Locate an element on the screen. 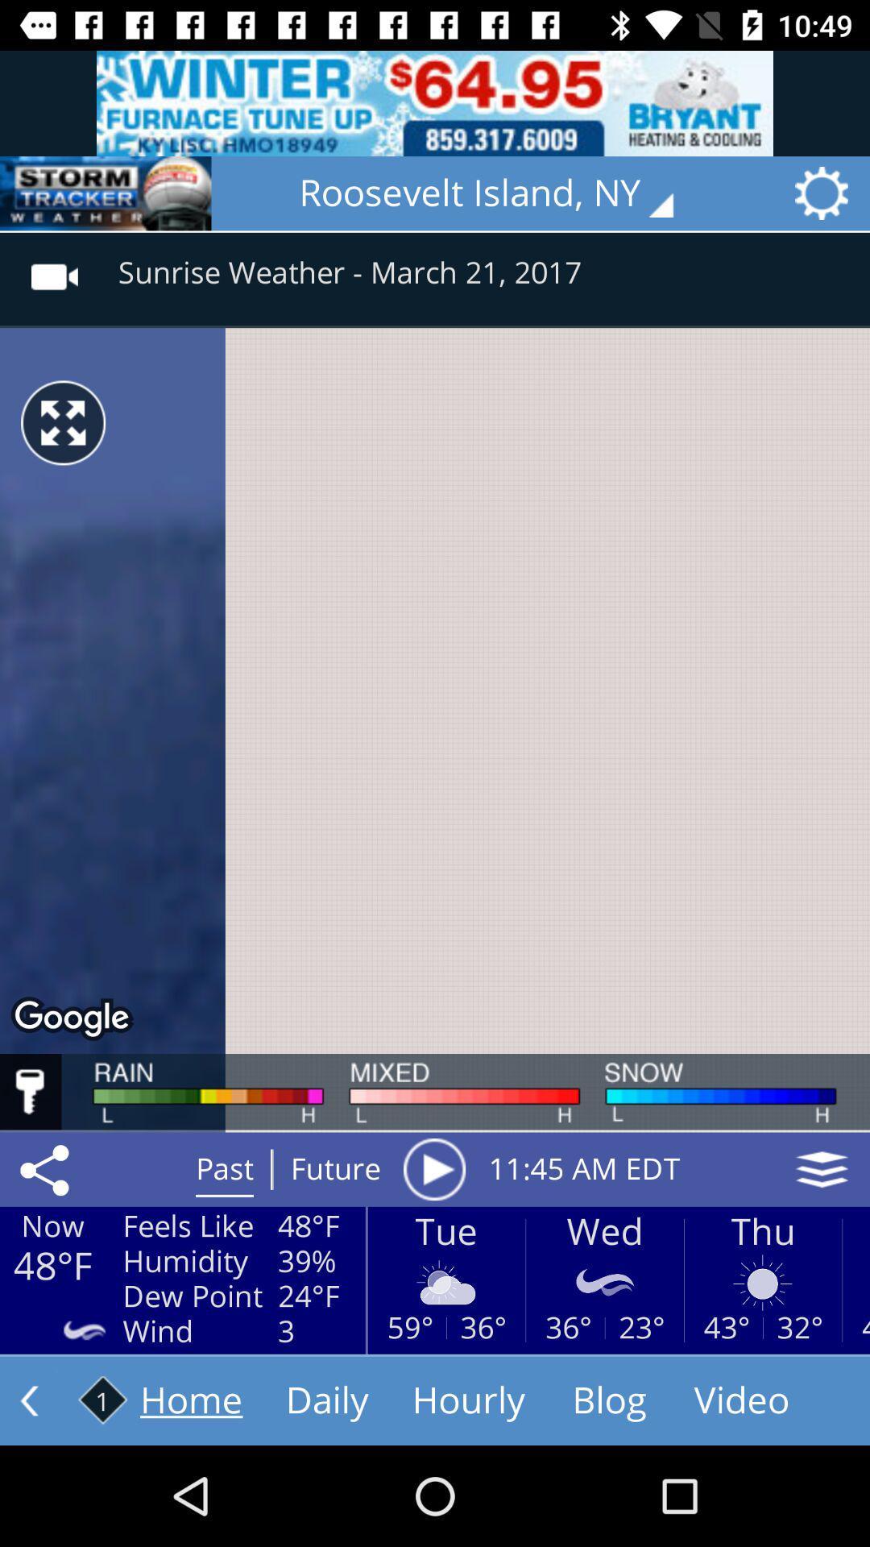 Image resolution: width=870 pixels, height=1547 pixels. the arrow_backward icon is located at coordinates (29, 1400).